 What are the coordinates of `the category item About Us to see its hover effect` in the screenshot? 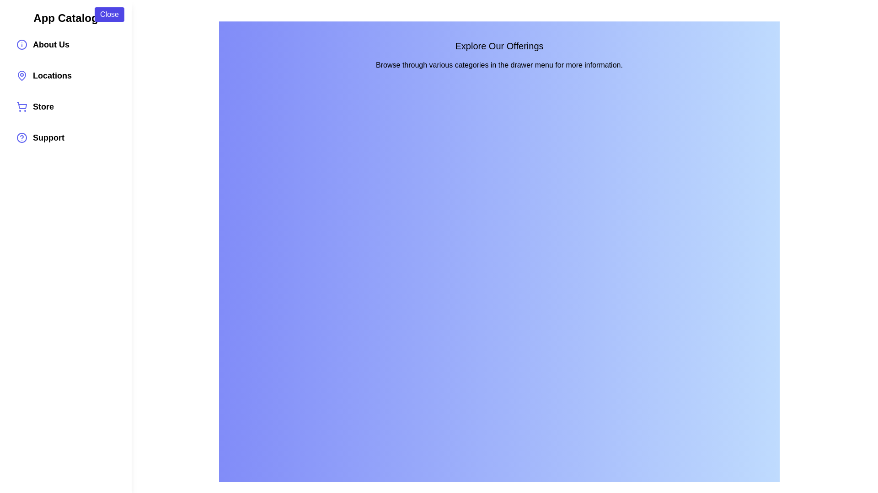 It's located at (65, 44).